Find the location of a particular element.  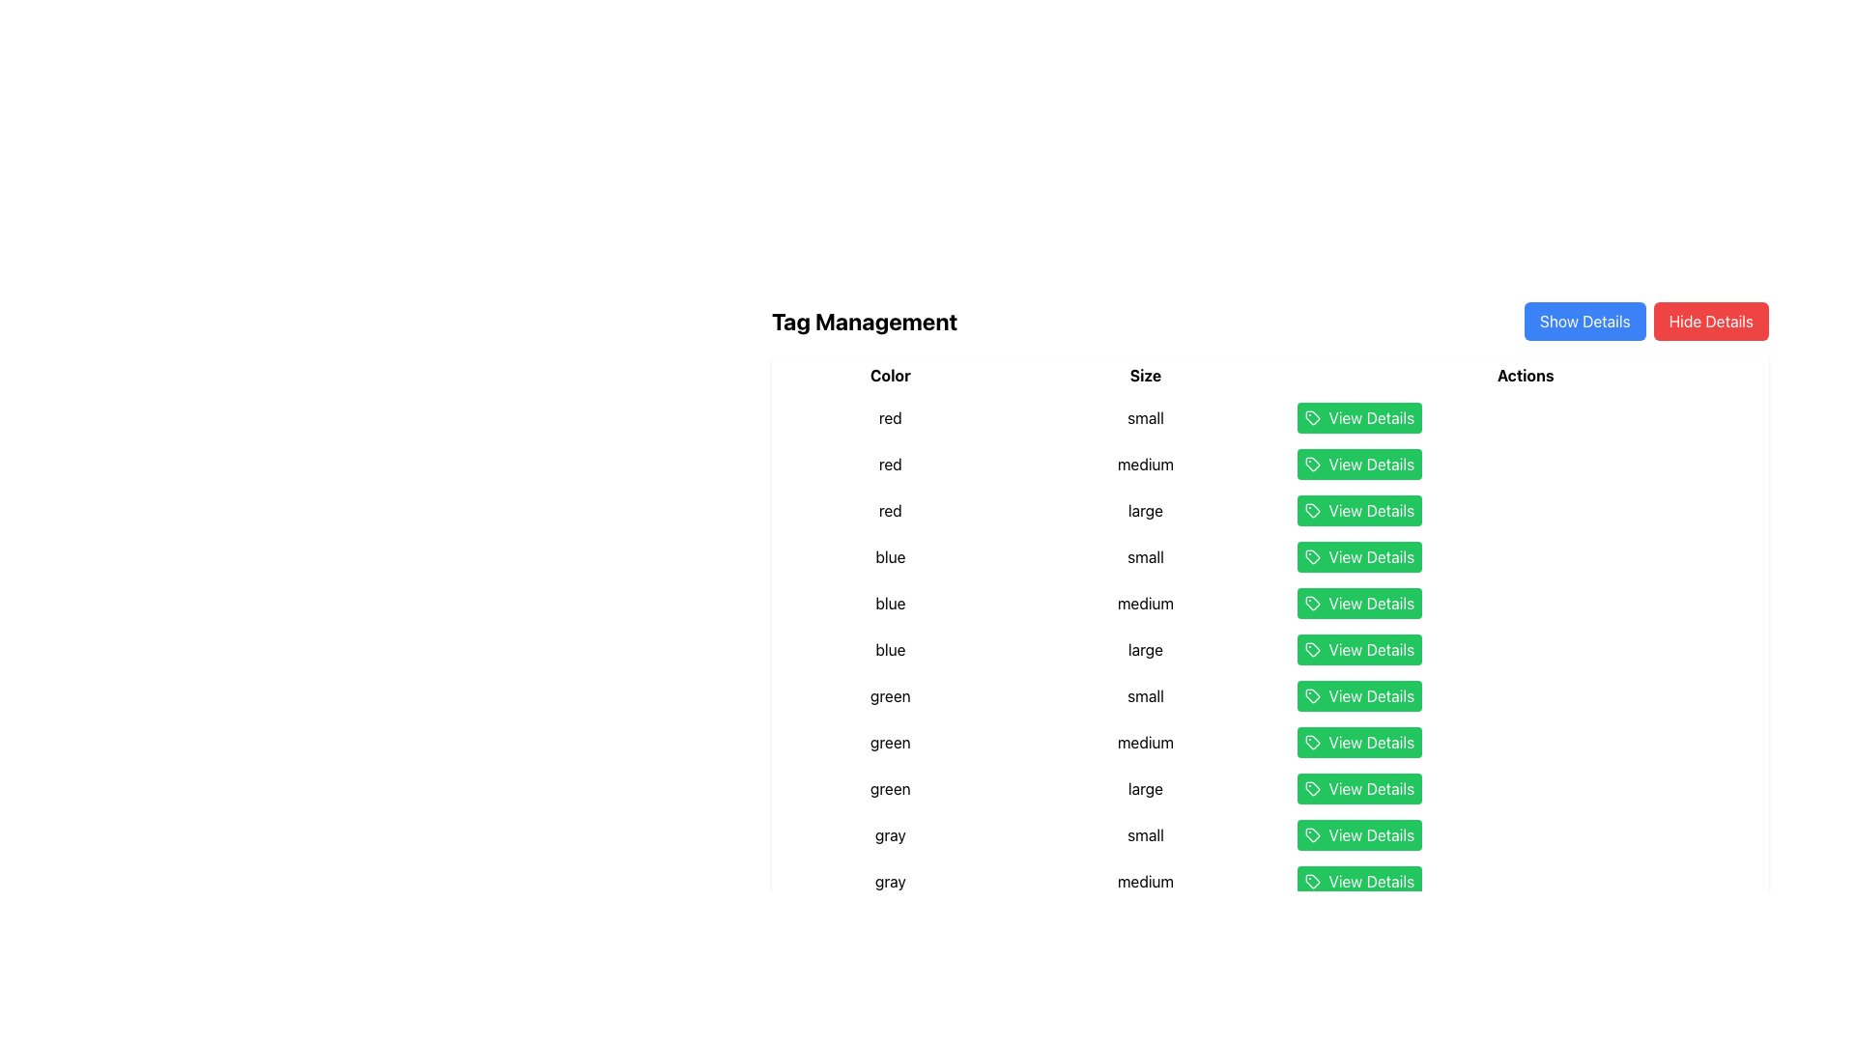

the text element displaying 'medium' located in the second row of the table under the 'Size' column is located at coordinates (1145, 465).